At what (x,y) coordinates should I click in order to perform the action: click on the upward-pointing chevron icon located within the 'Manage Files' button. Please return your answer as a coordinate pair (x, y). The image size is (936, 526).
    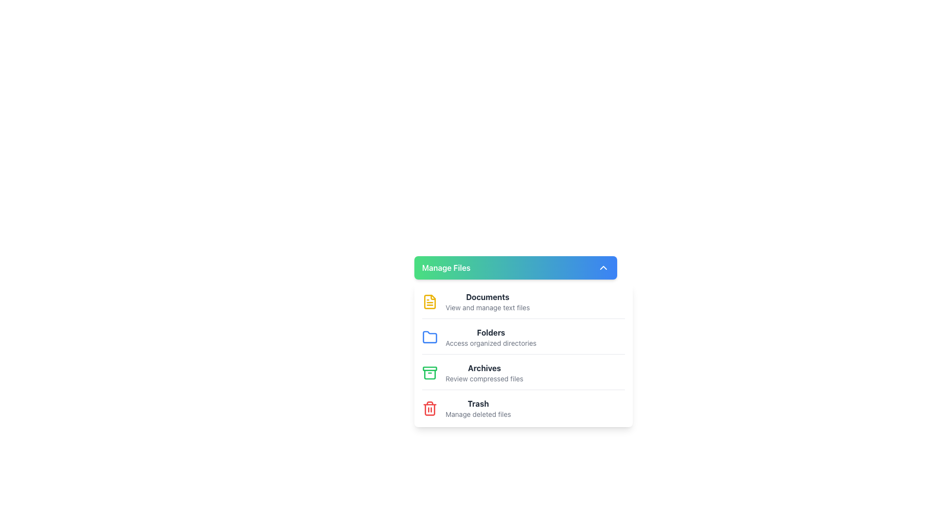
    Looking at the image, I should click on (603, 268).